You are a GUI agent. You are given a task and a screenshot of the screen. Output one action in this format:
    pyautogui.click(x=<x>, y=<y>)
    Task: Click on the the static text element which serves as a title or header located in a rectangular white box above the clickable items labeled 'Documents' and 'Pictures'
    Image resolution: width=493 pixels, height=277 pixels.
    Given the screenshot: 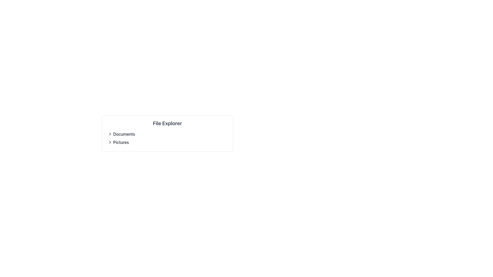 What is the action you would take?
    pyautogui.click(x=167, y=123)
    